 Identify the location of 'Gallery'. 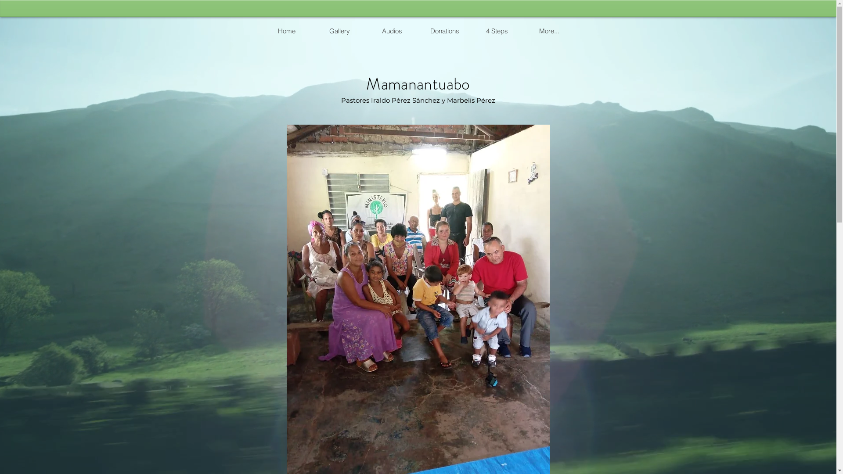
(339, 30).